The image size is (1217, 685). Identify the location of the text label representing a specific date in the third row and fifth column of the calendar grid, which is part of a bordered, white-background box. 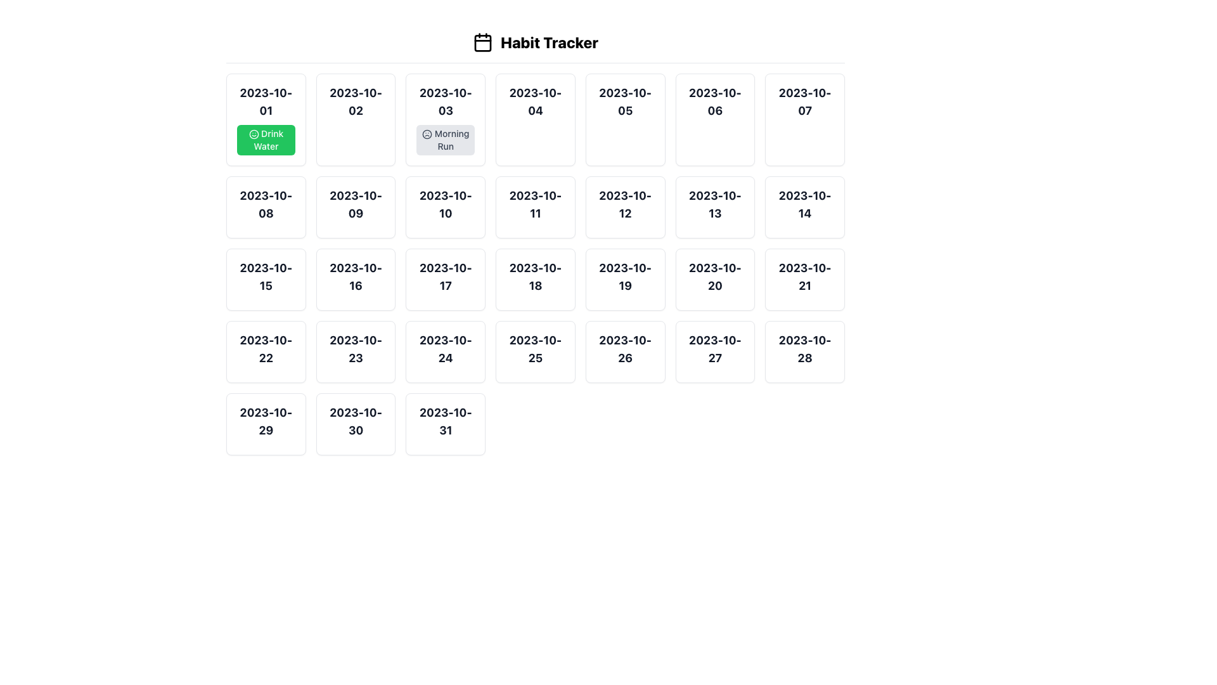
(625, 204).